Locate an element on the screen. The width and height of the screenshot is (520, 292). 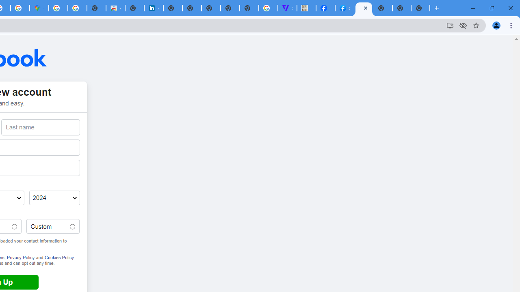
'Cookie Policy | LinkedIn' is located at coordinates (154, 8).